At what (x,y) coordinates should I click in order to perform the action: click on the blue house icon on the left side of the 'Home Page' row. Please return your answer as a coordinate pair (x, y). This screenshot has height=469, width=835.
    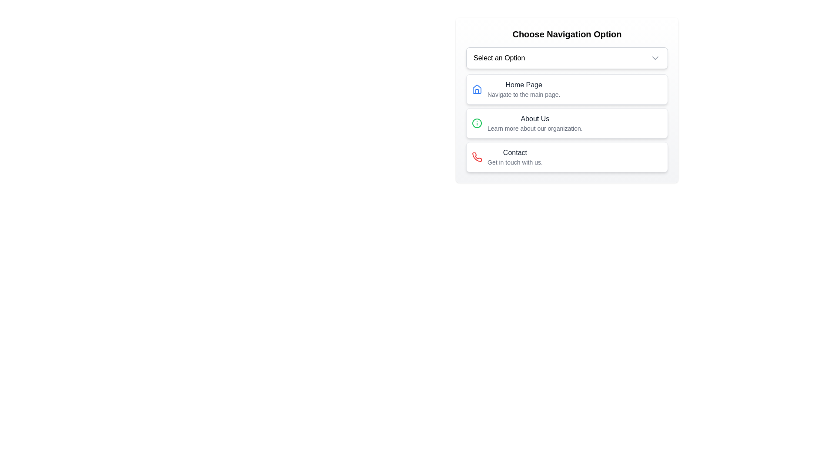
    Looking at the image, I should click on (477, 89).